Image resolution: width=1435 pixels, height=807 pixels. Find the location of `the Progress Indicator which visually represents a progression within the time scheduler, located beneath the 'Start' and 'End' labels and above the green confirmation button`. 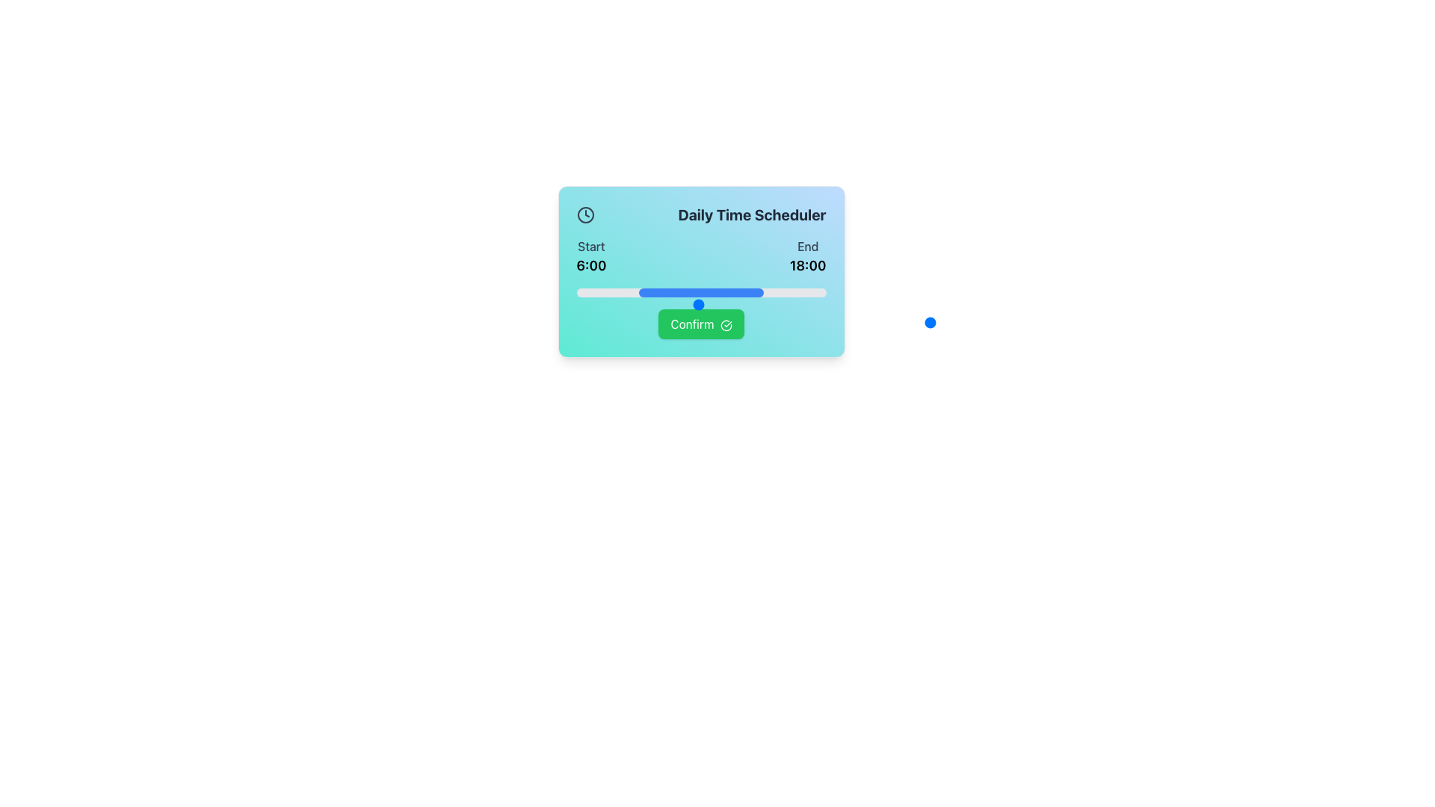

the Progress Indicator which visually represents a progression within the time scheduler, located beneath the 'Start' and 'End' labels and above the green confirmation button is located at coordinates (700, 293).